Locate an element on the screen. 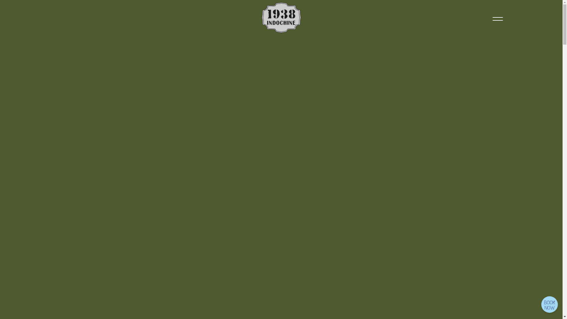 The image size is (567, 319). 'R E S E R V A T I O N' is located at coordinates (549, 304).